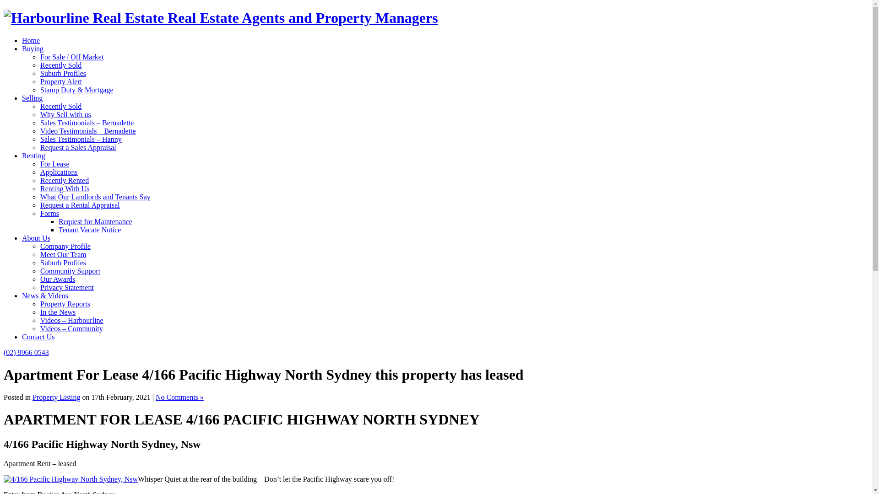 The width and height of the screenshot is (879, 494). I want to click on 'Property Reports', so click(39, 304).